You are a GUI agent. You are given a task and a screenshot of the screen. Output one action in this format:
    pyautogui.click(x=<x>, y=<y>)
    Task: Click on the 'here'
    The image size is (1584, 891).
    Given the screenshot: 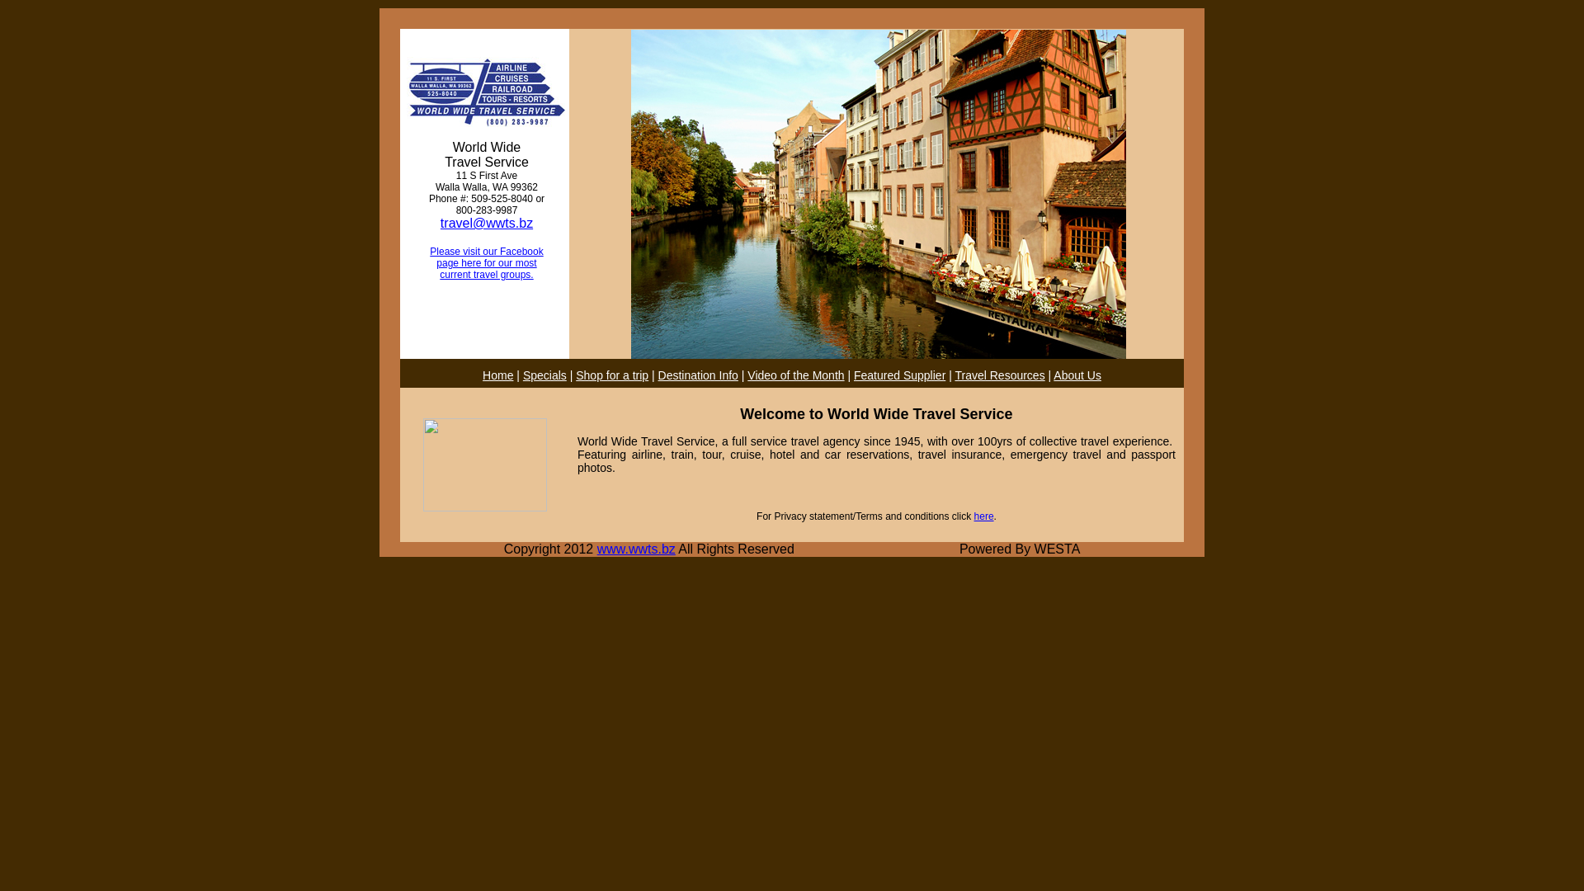 What is the action you would take?
    pyautogui.click(x=984, y=515)
    